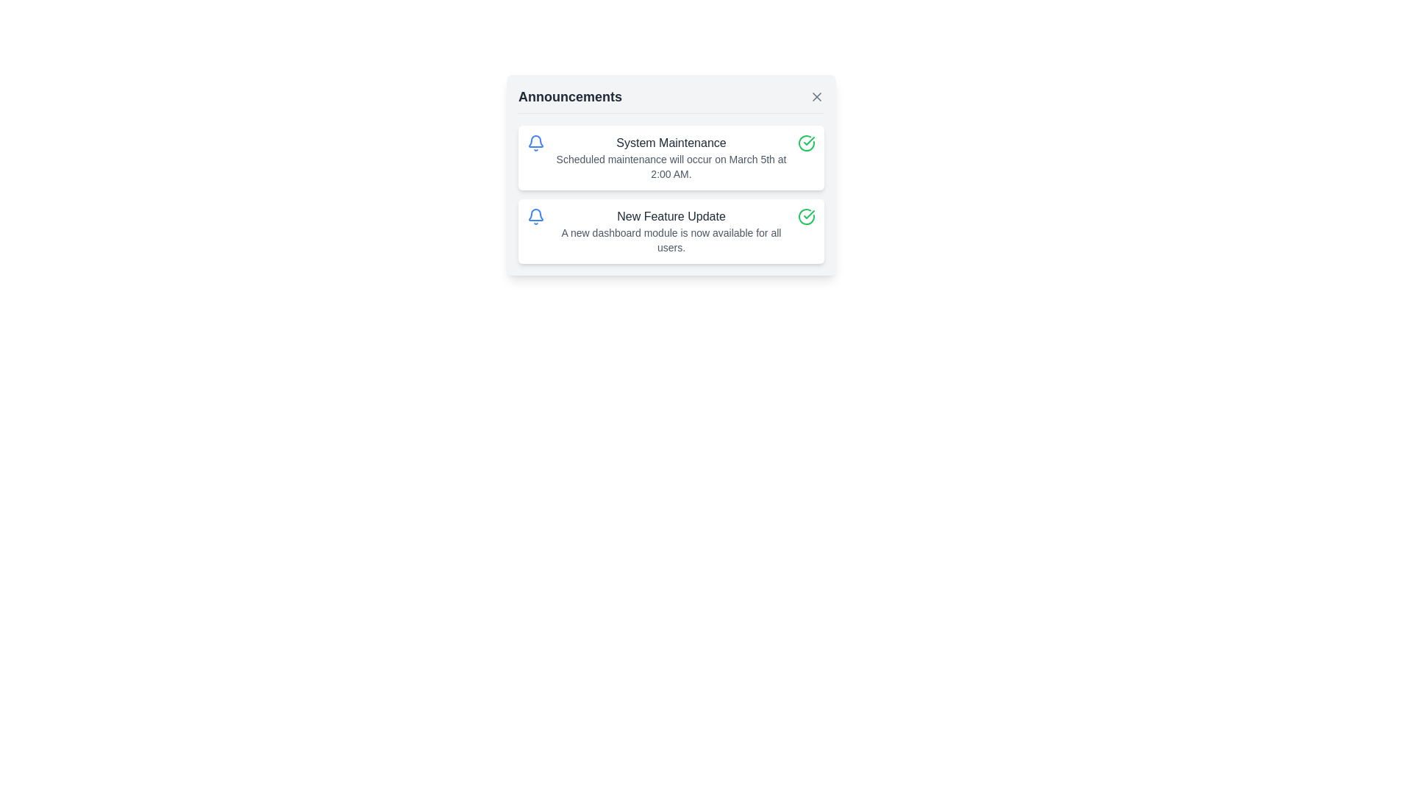 Image resolution: width=1412 pixels, height=794 pixels. Describe the element at coordinates (806, 216) in the screenshot. I see `the interactive icon located to the right of the 'New Feature Update' text block in the second announcement card, which serves to mark or confirm an action related to the announcement` at that location.